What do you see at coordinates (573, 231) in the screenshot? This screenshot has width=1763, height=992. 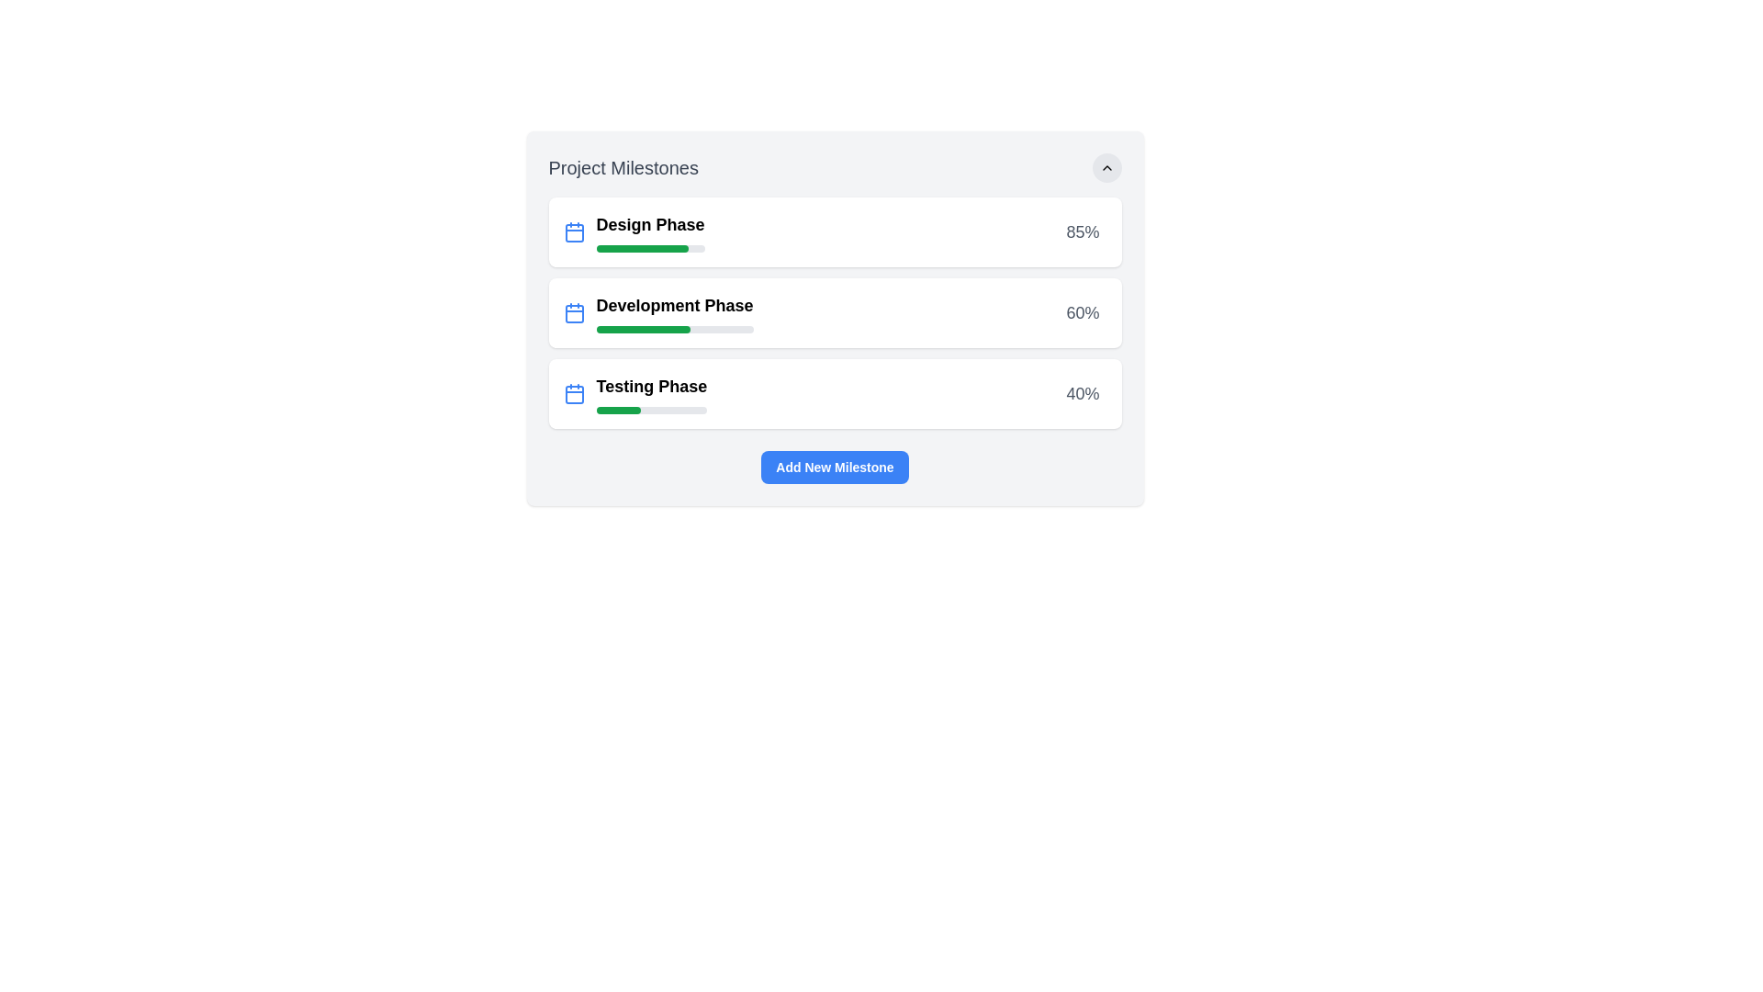 I see `the calendar SVG icon located to the left of the 'Design Phase' text in the topmost milestone card` at bounding box center [573, 231].